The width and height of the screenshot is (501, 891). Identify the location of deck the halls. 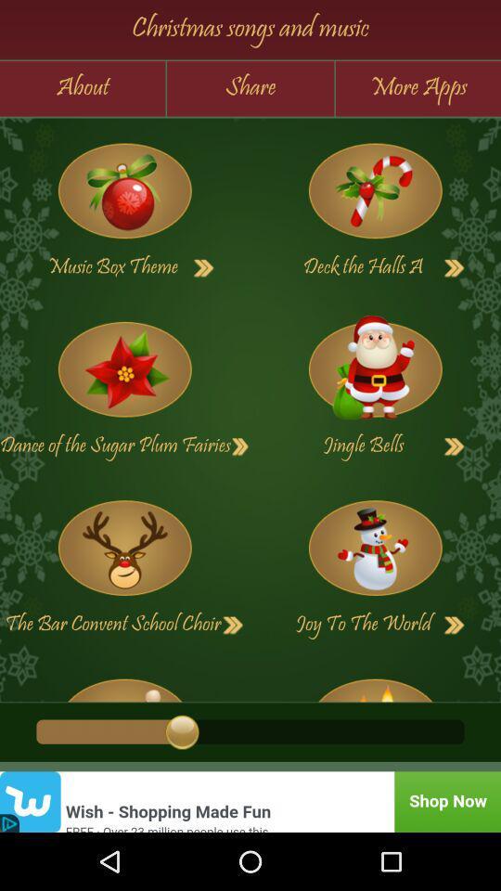
(375, 191).